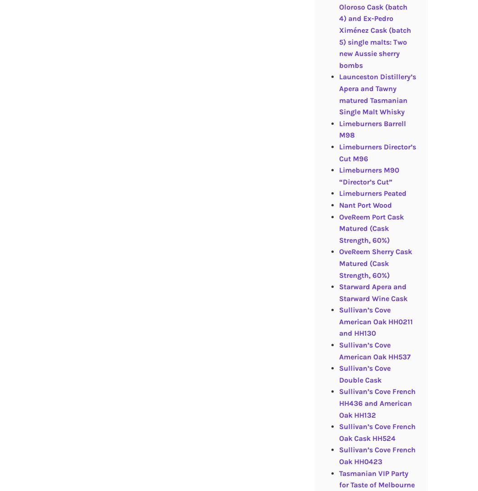 This screenshot has width=478, height=491. What do you see at coordinates (377, 152) in the screenshot?
I see `'Limeburners Director’s Cut M96'` at bounding box center [377, 152].